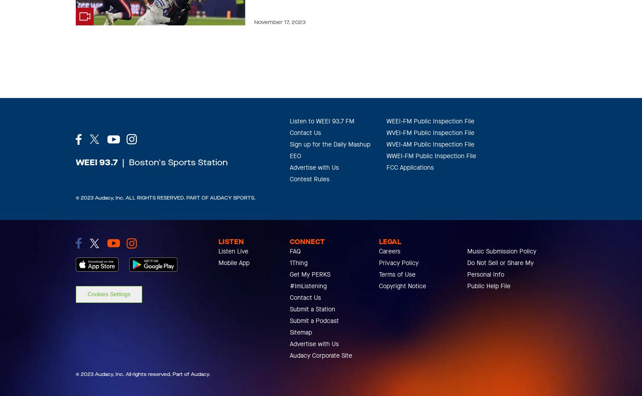 The width and height of the screenshot is (642, 396). What do you see at coordinates (501, 251) in the screenshot?
I see `'Music Submission Policy'` at bounding box center [501, 251].